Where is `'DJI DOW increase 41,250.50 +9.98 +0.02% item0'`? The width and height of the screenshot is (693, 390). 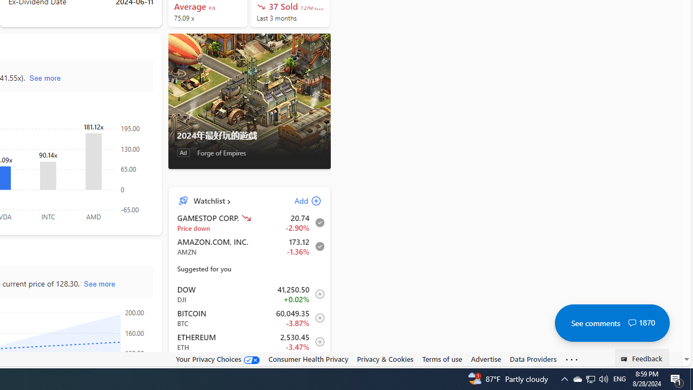
'DJI DOW increase 41,250.50 +9.98 +0.02% item0' is located at coordinates (249, 294).